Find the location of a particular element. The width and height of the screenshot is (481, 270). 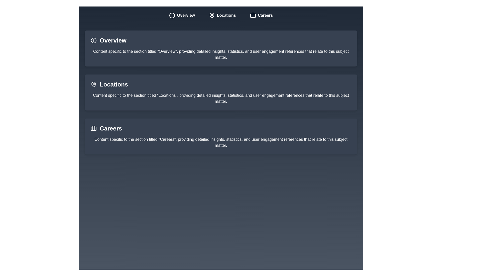

the information icon (SVG) located to the left of the 'Overview' term in the top section labeled 'Overview' is located at coordinates (94, 40).